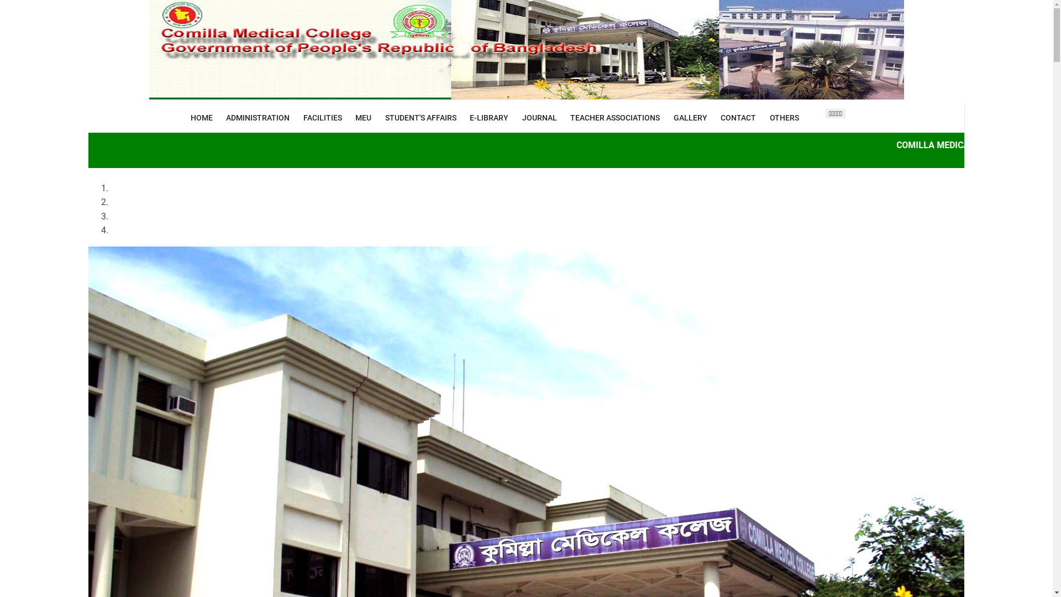  What do you see at coordinates (784, 118) in the screenshot?
I see `'OTHERS'` at bounding box center [784, 118].